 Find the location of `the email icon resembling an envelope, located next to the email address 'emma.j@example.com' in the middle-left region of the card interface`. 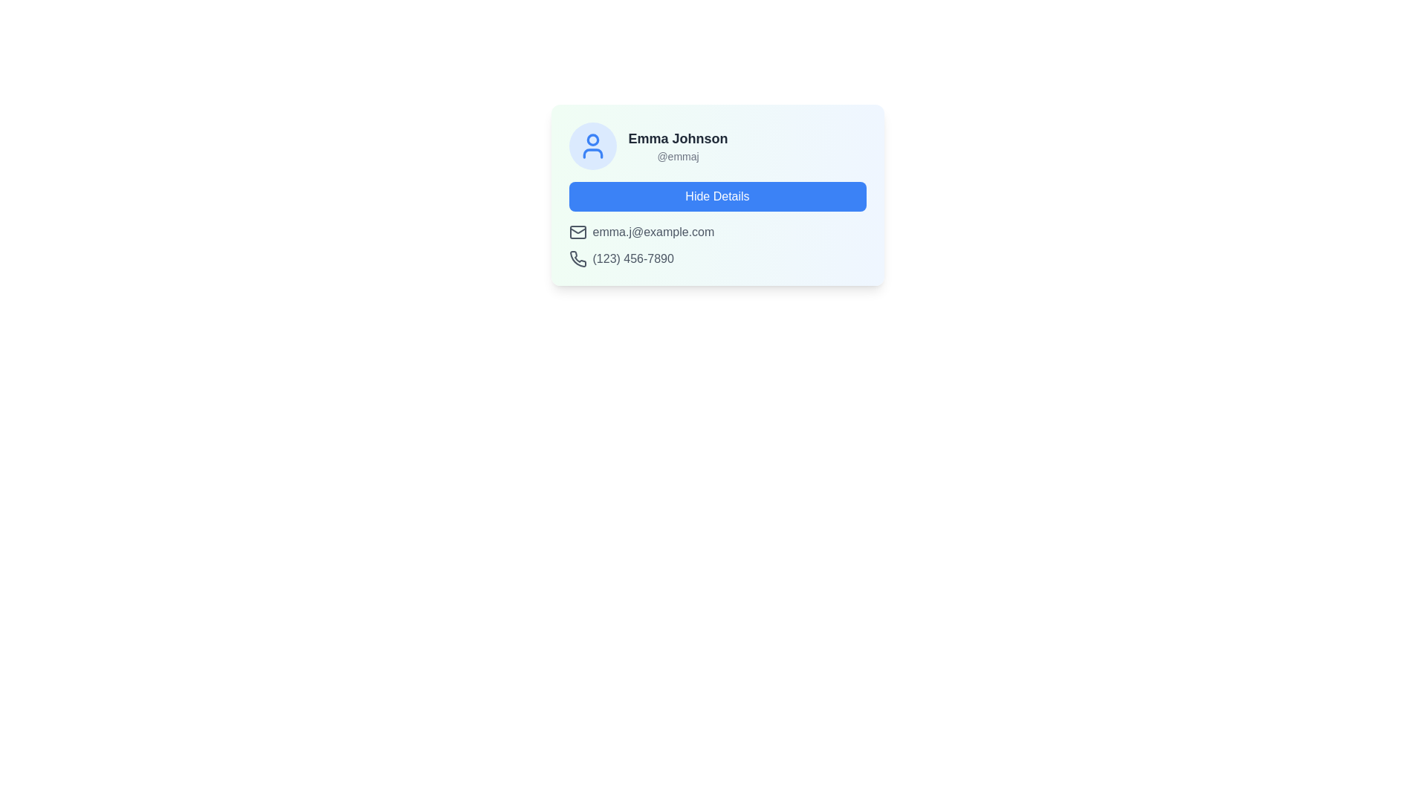

the email icon resembling an envelope, located next to the email address 'emma.j@example.com' in the middle-left region of the card interface is located at coordinates (577, 232).